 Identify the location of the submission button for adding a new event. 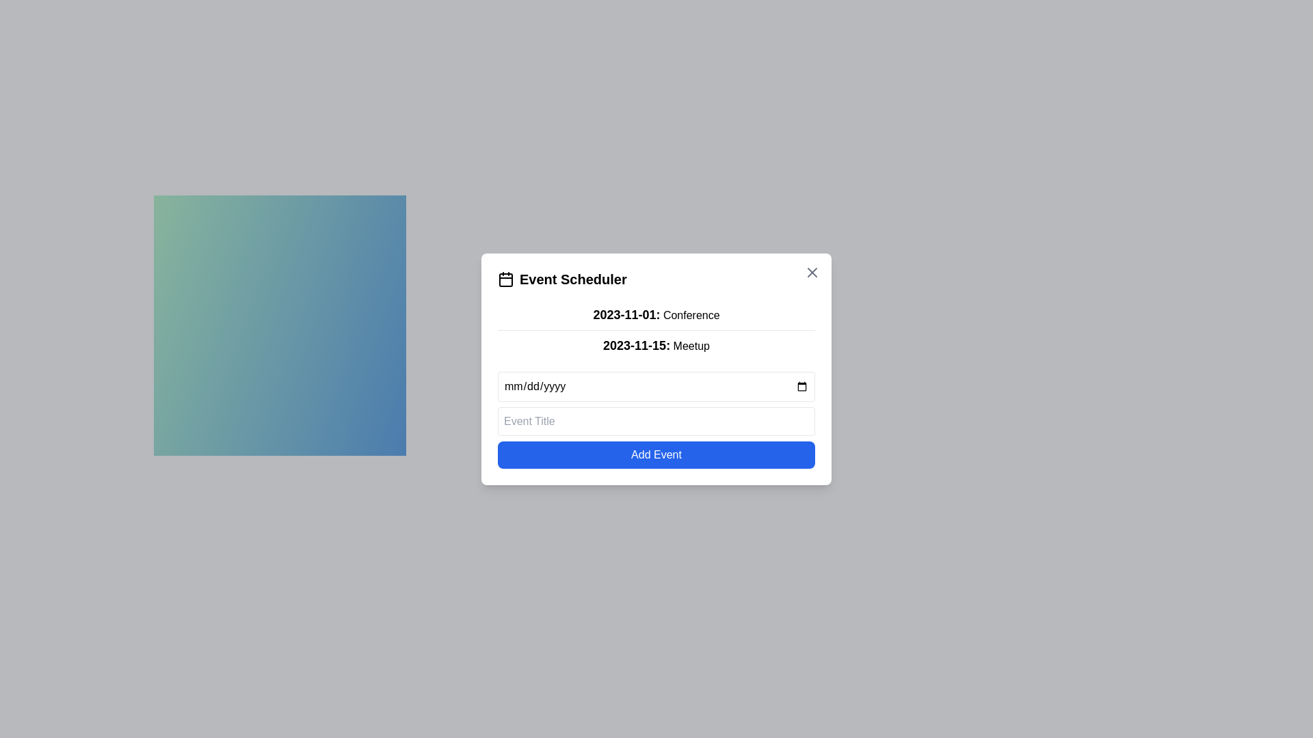
(656, 454).